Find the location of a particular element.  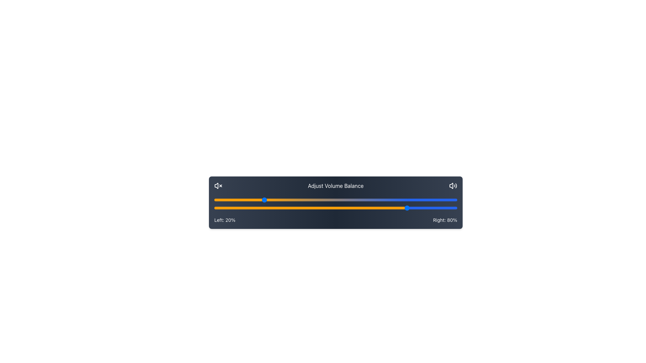

the left balance is located at coordinates (309, 199).